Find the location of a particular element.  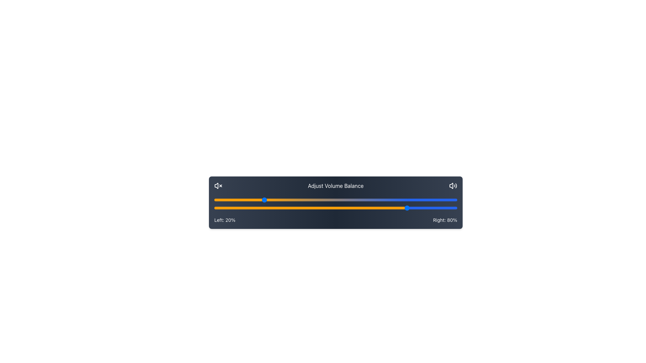

the left balance is located at coordinates (309, 199).